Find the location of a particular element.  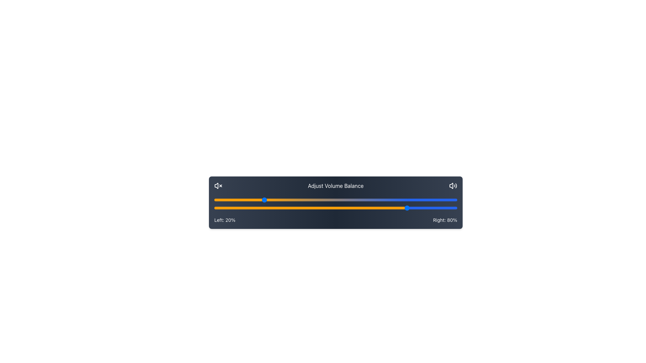

the left balance is located at coordinates (309, 199).